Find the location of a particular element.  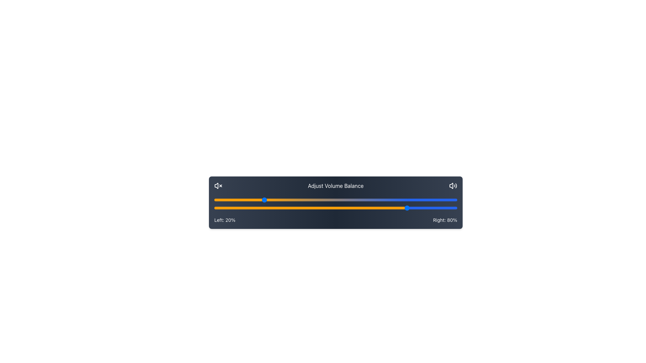

the left balance is located at coordinates (309, 199).